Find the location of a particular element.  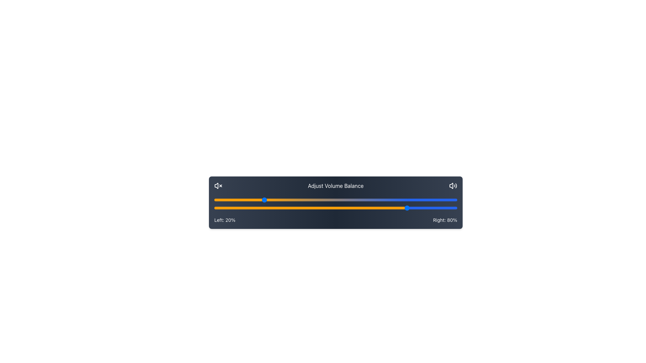

the left balance is located at coordinates (309, 199).